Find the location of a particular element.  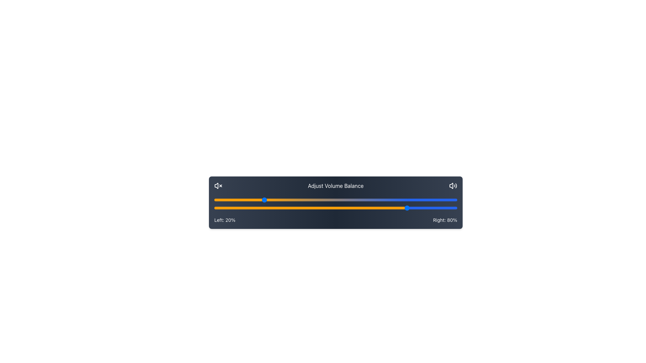

the left balance is located at coordinates (309, 199).